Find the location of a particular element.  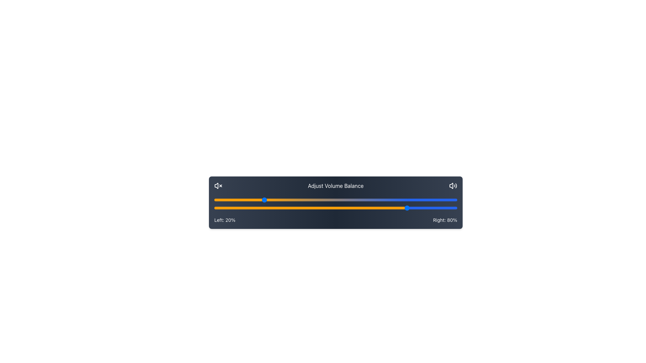

the left balance is located at coordinates (309, 199).